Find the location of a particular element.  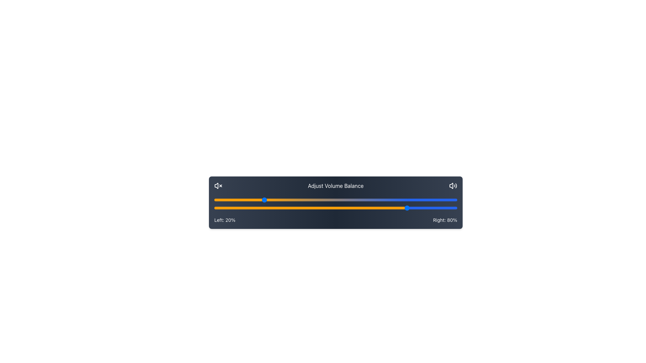

the left balance is located at coordinates (309, 199).